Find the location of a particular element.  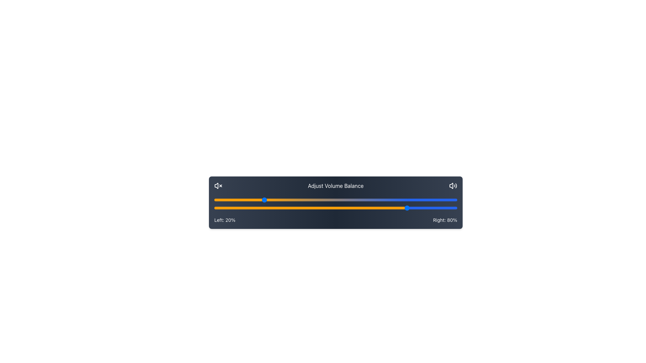

the left balance is located at coordinates (309, 199).